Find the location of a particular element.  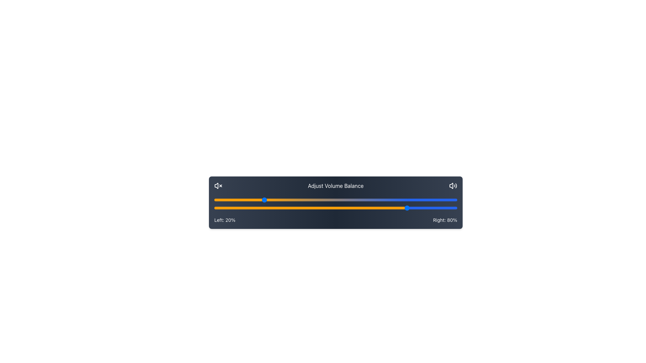

the left balance is located at coordinates (309, 199).